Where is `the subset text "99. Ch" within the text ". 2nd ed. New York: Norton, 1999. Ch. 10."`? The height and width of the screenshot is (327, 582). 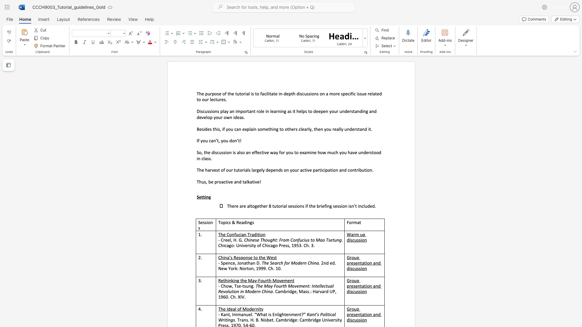
the subset text "99. Ch" within the text ". 2nd ed. New York: Norton, 1999. Ch. 10." is located at coordinates (261, 268).